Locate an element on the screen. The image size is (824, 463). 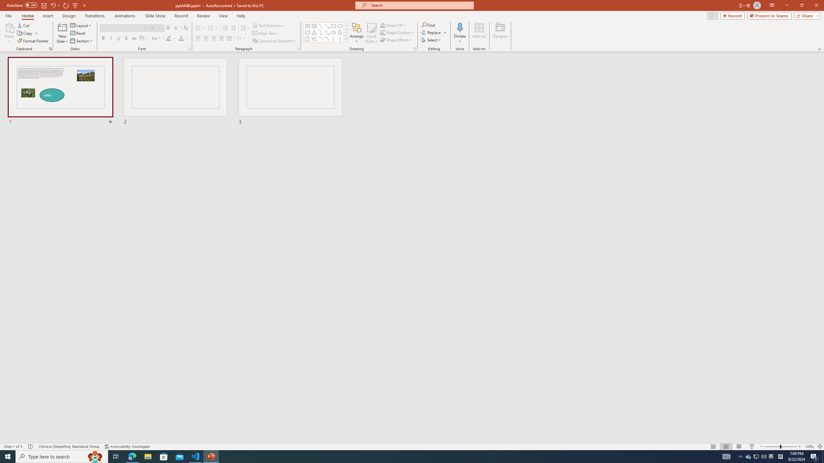
'Justify' is located at coordinates (221, 38).